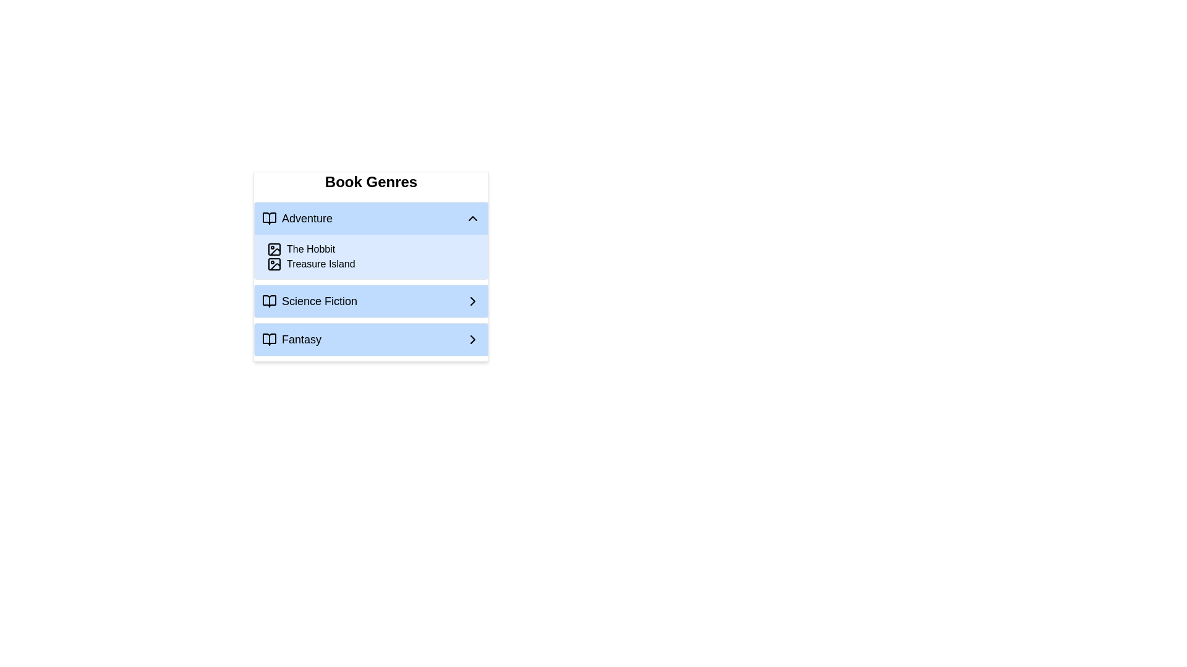 The height and width of the screenshot is (667, 1187). Describe the element at coordinates (274, 264) in the screenshot. I see `the rounded rectangle SVG shape element that is part of the icon representing 'The Hobbit' in the 'Adventure' category under 'Book Genres'` at that location.